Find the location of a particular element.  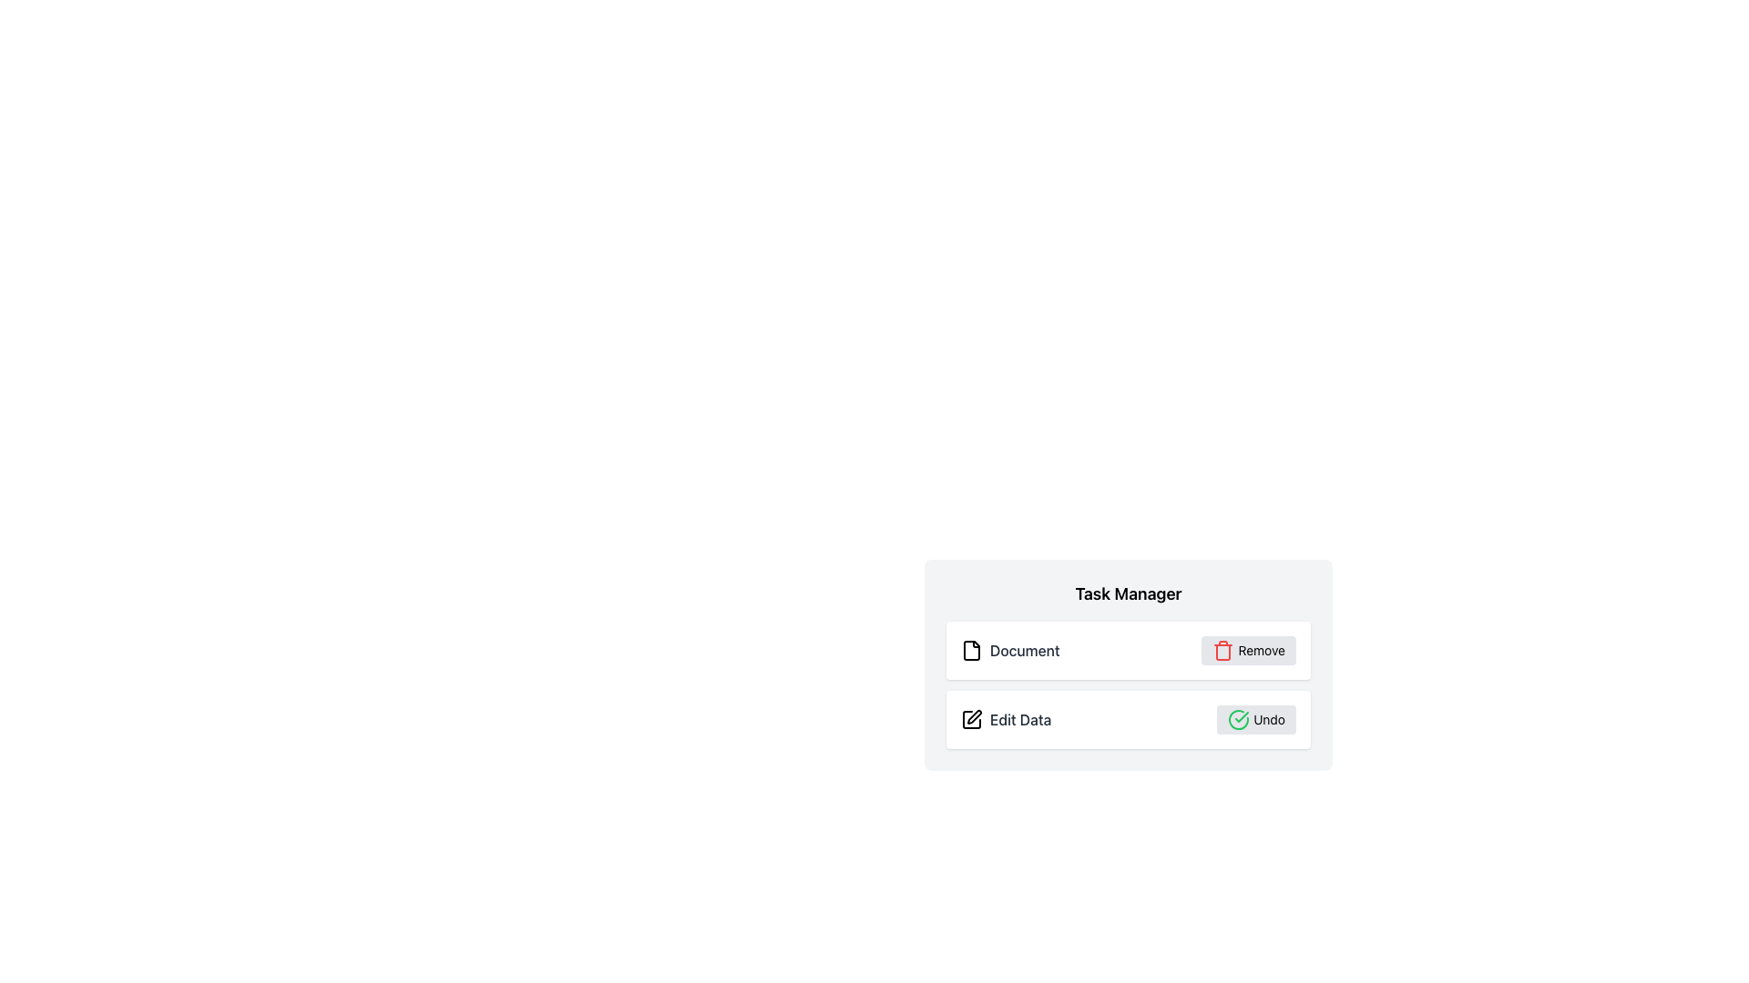

the small, red-outlined document icon located to the left of the 'Document' label in the 'Task Manager' section is located at coordinates (970, 649).